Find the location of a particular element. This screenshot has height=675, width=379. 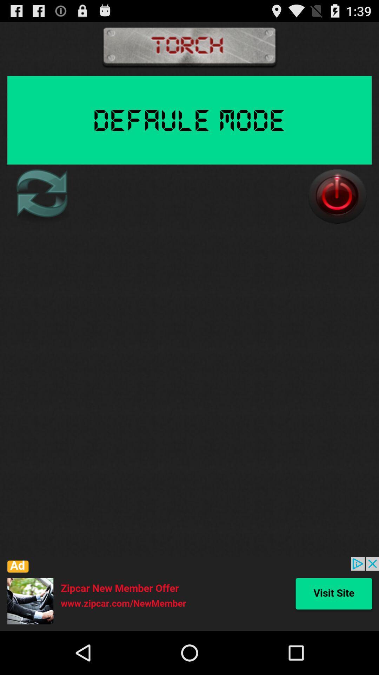

refresh page is located at coordinates (41, 196).